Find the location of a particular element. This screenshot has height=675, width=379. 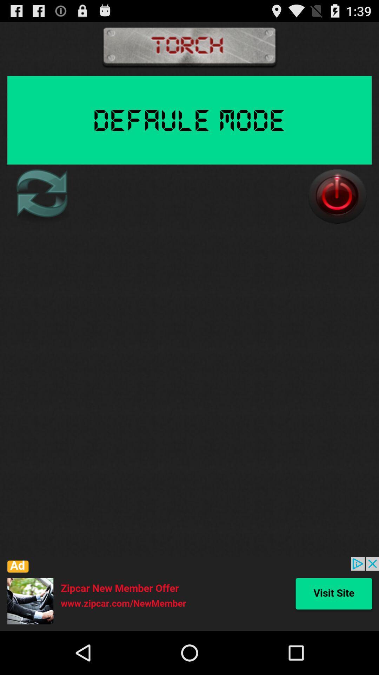

refresh page is located at coordinates (41, 196).